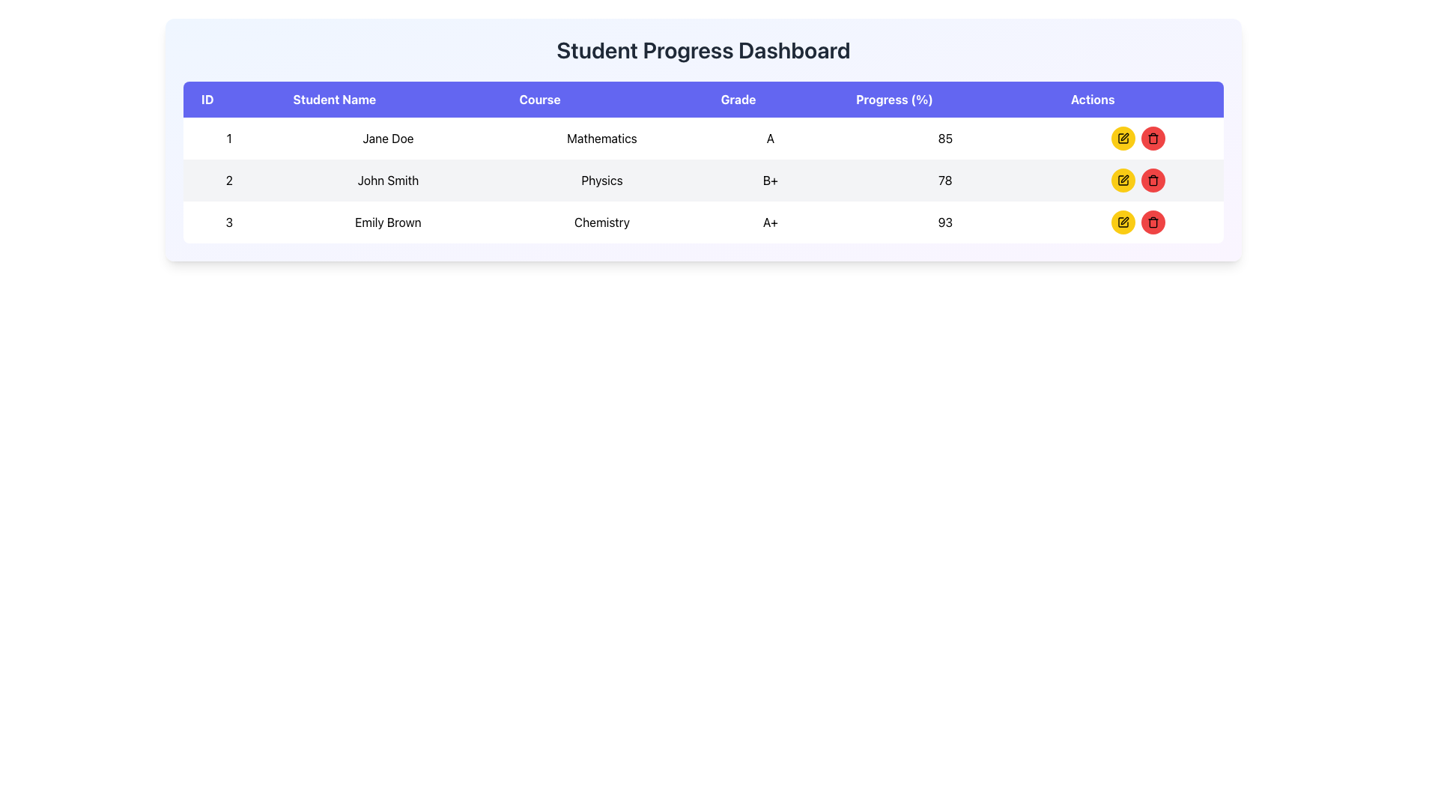 Image resolution: width=1438 pixels, height=809 pixels. What do you see at coordinates (1152, 179) in the screenshot?
I see `the trash can icon within the circular red button in the 'Actions' column of the second row` at bounding box center [1152, 179].